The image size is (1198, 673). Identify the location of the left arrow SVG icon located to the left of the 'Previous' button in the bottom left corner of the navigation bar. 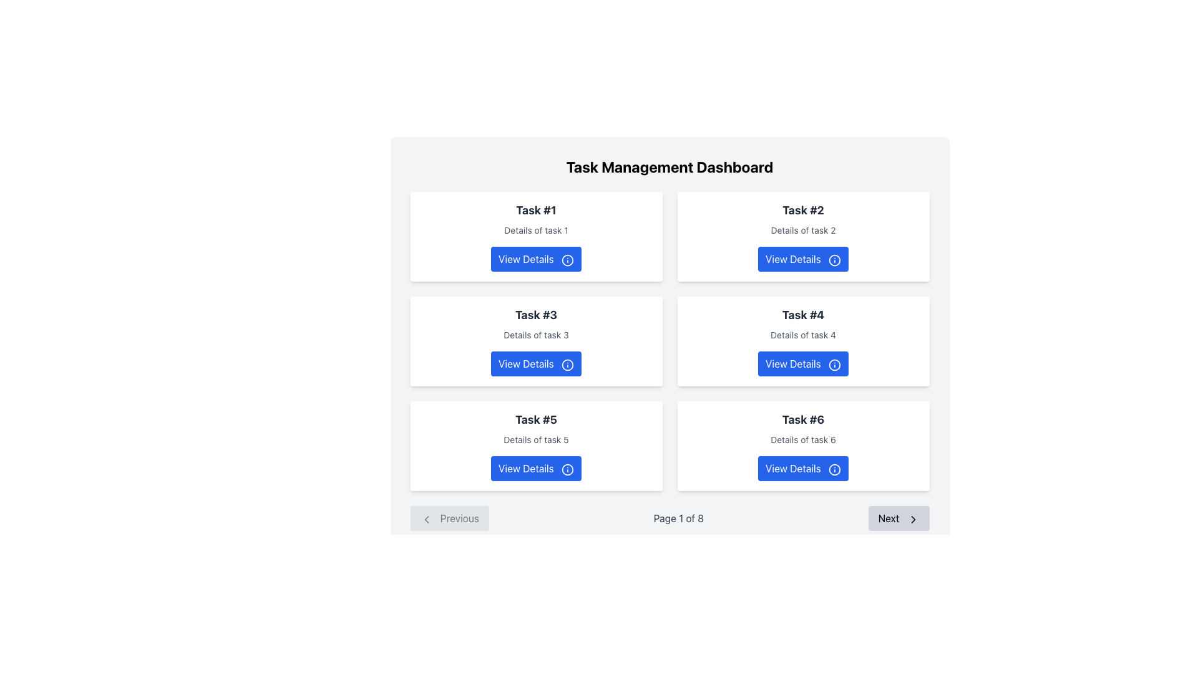
(426, 519).